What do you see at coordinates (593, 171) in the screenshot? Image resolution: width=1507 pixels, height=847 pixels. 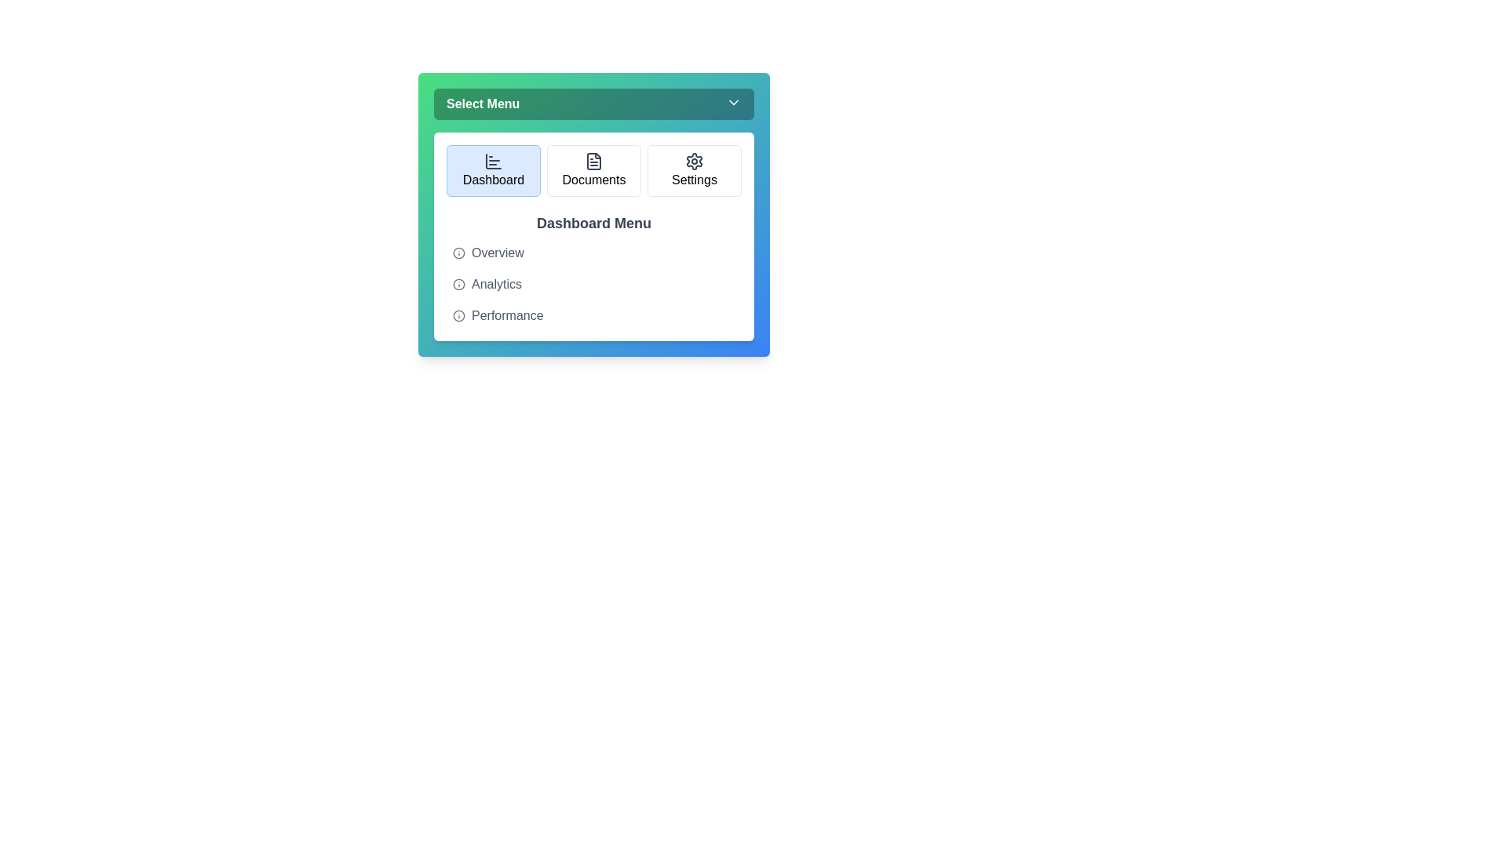 I see `the 'Documents' menu item button located in the middle of the menu bar under the green-tinted header labeled 'Select Menu'` at bounding box center [593, 171].